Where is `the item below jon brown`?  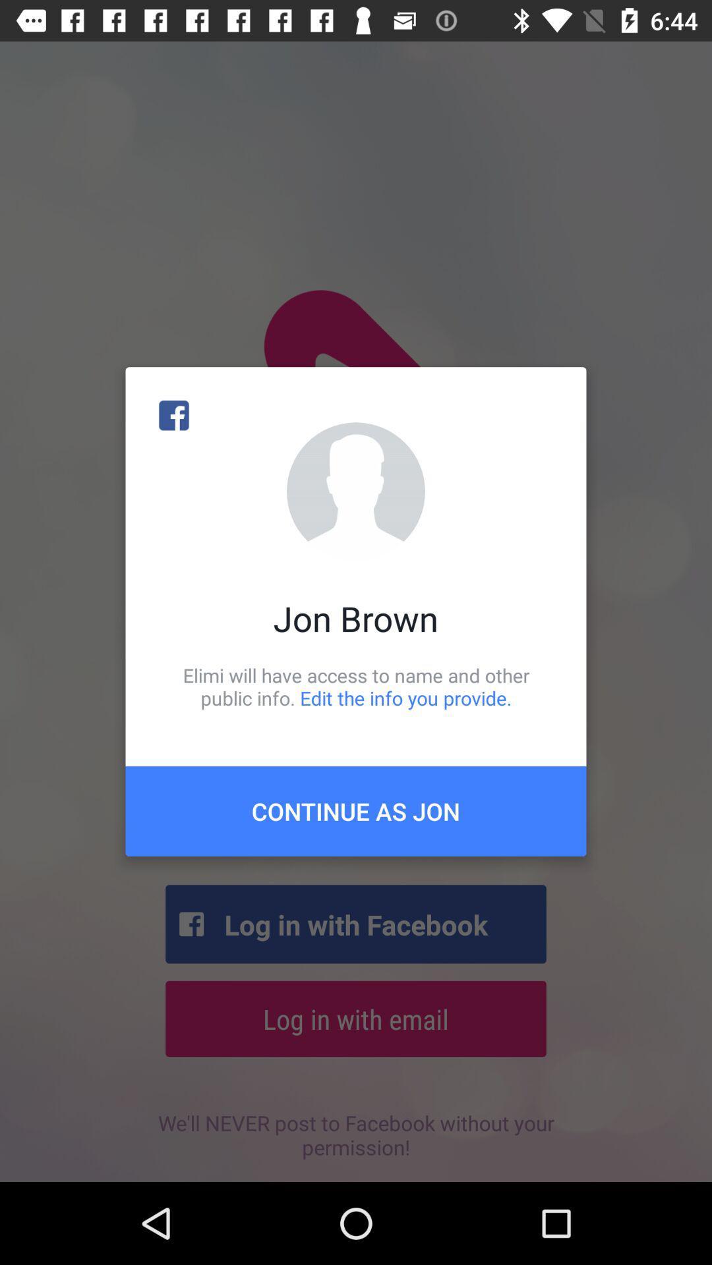 the item below jon brown is located at coordinates (356, 686).